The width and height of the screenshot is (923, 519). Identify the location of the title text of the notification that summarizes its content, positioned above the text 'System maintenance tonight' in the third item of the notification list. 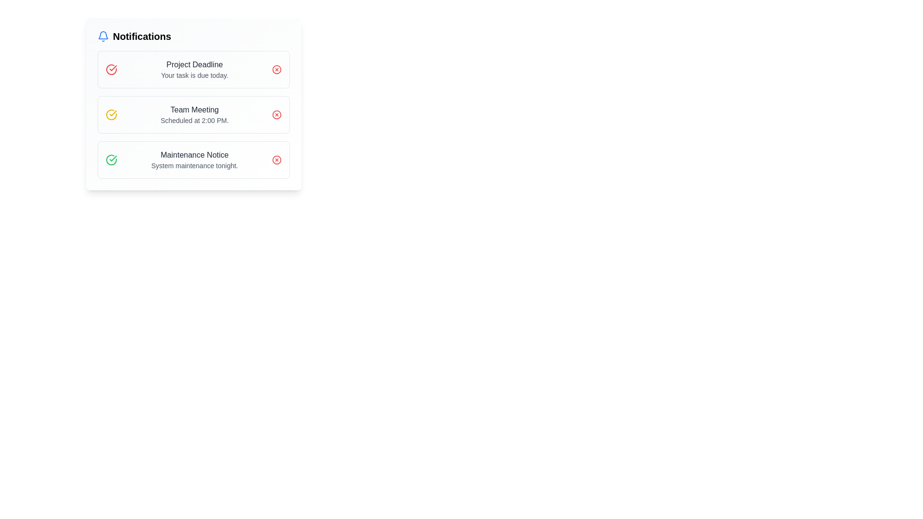
(194, 155).